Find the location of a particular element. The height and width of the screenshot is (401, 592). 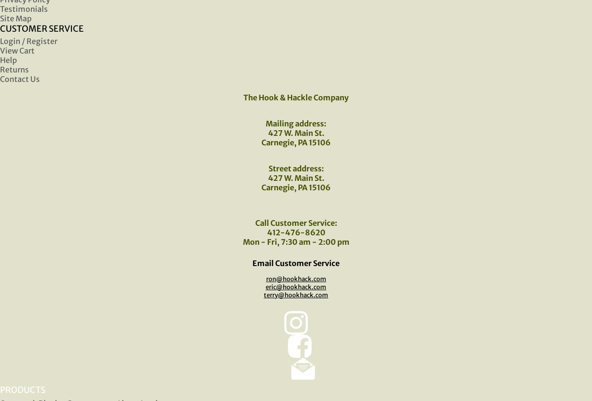

'PRODUCTS' is located at coordinates (22, 390).